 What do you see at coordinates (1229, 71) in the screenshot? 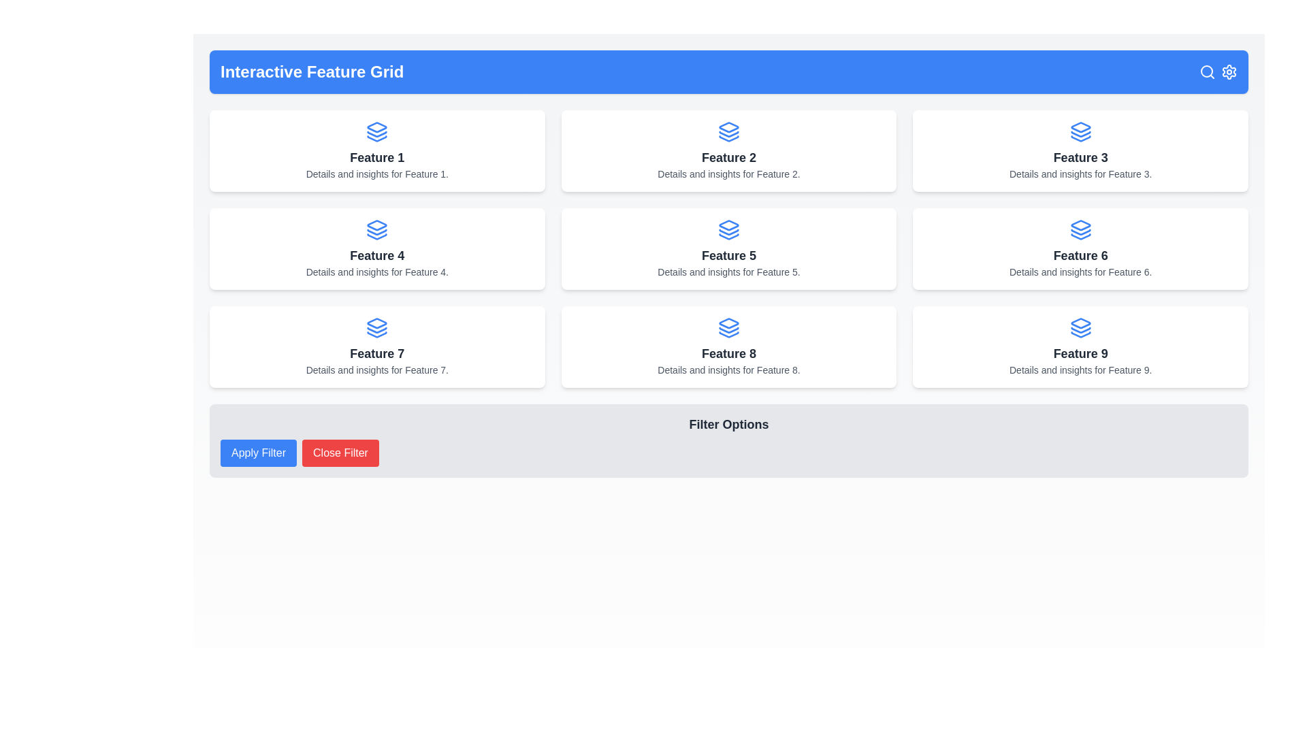
I see `the main gear shape component of the settings icon located in the top-right corner of the application interface` at bounding box center [1229, 71].